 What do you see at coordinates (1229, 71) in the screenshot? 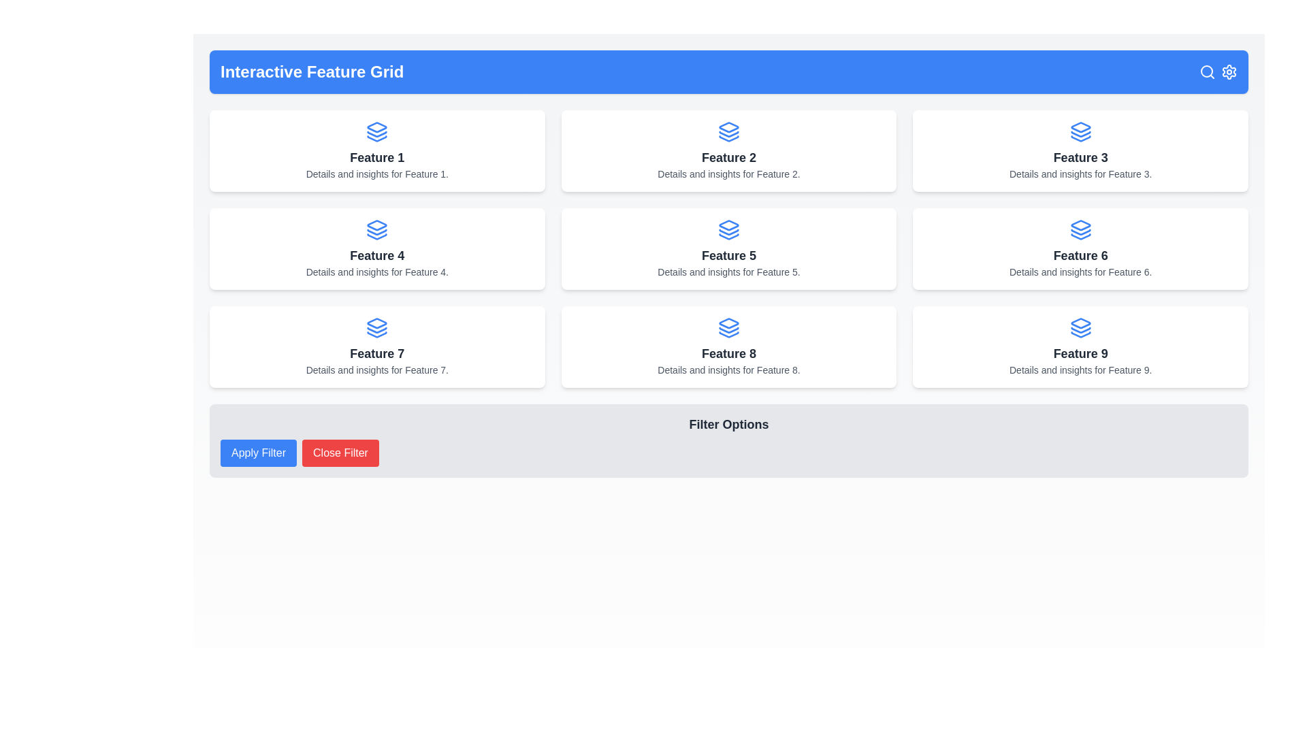
I see `the main gear shape component of the settings icon located in the top-right corner of the application interface` at bounding box center [1229, 71].